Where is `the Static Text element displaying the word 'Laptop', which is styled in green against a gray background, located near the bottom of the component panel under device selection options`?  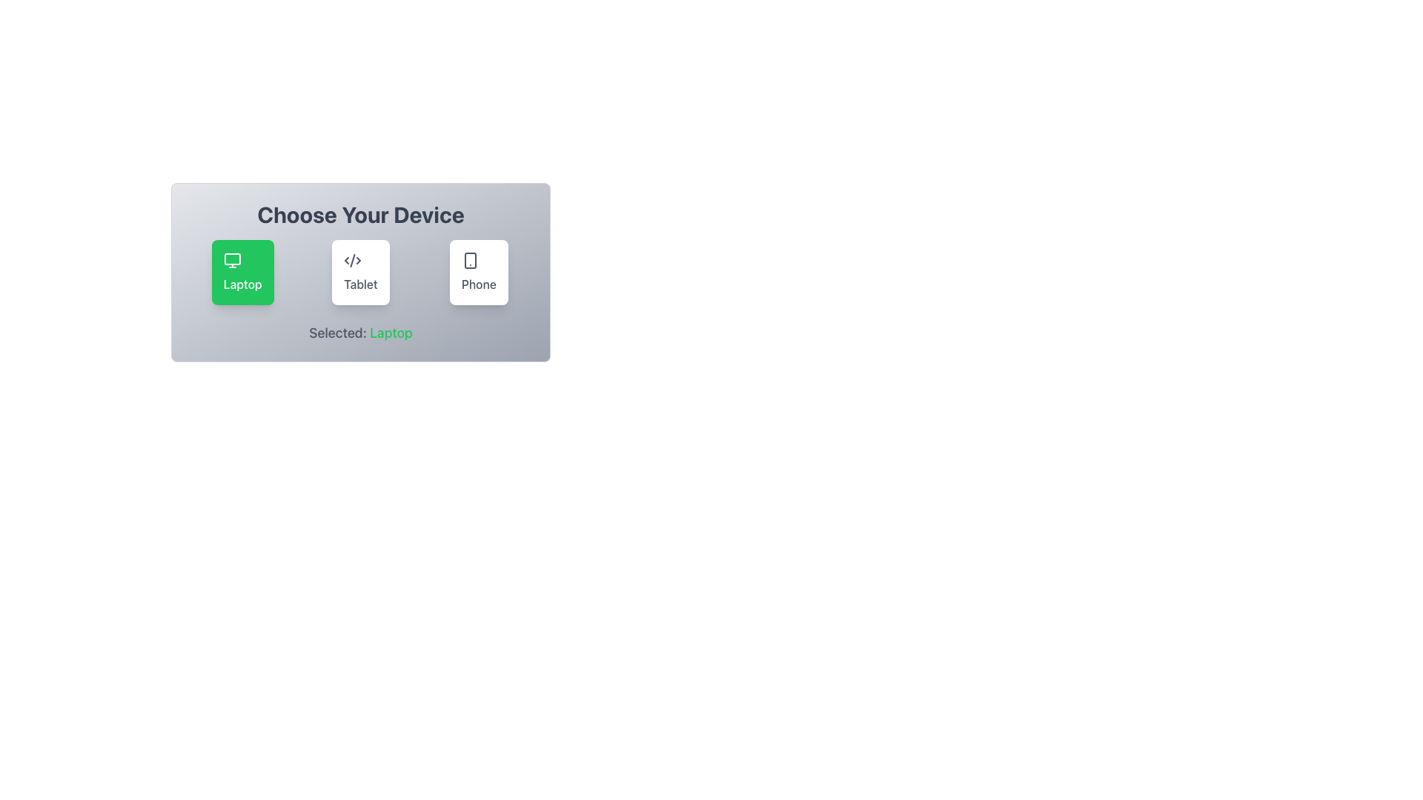 the Static Text element displaying the word 'Laptop', which is styled in green against a gray background, located near the bottom of the component panel under device selection options is located at coordinates (391, 332).